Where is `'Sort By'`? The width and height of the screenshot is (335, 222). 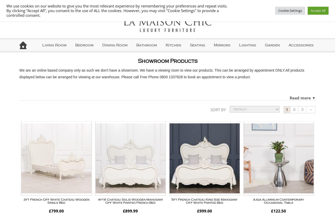 'Sort By' is located at coordinates (218, 109).